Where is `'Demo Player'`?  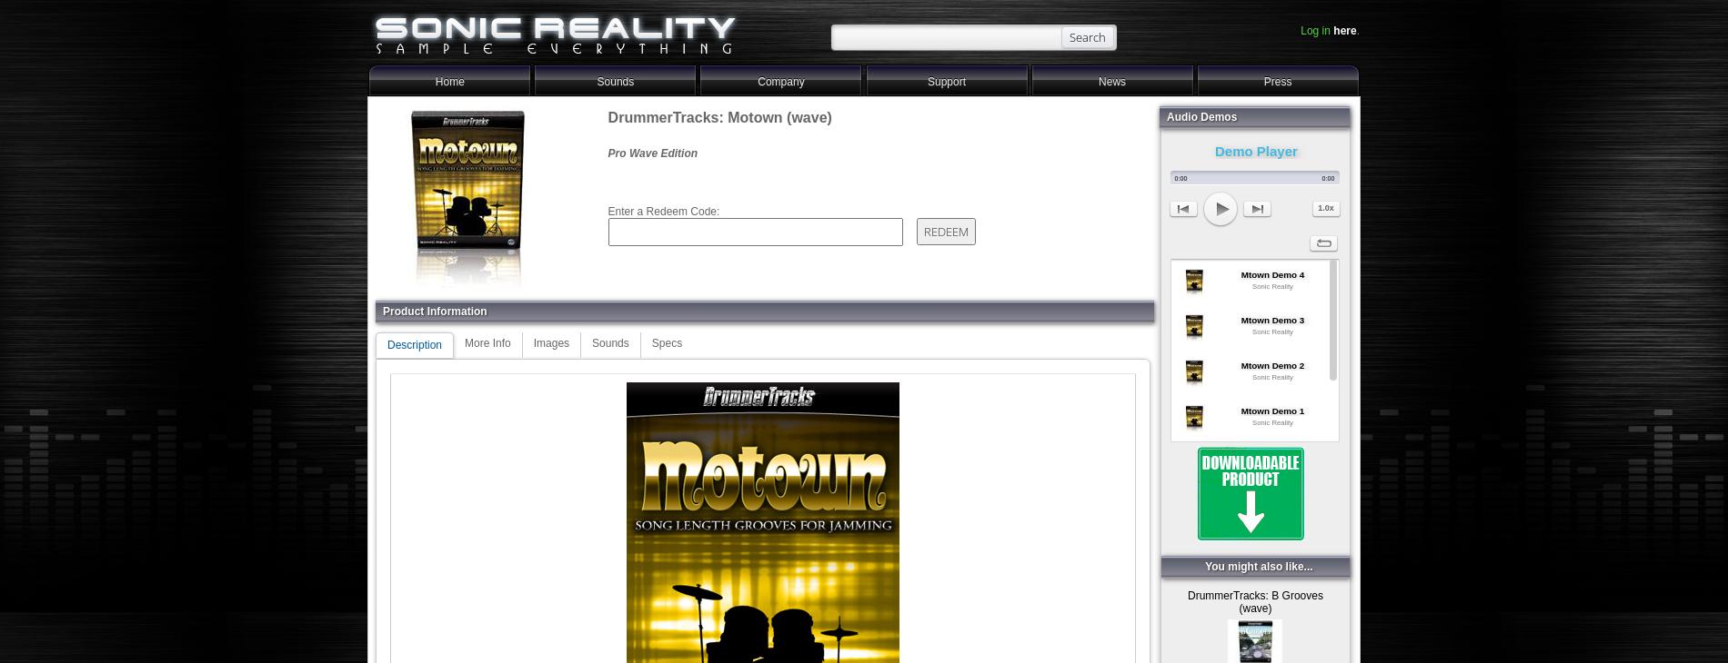
'Demo Player' is located at coordinates (1254, 149).